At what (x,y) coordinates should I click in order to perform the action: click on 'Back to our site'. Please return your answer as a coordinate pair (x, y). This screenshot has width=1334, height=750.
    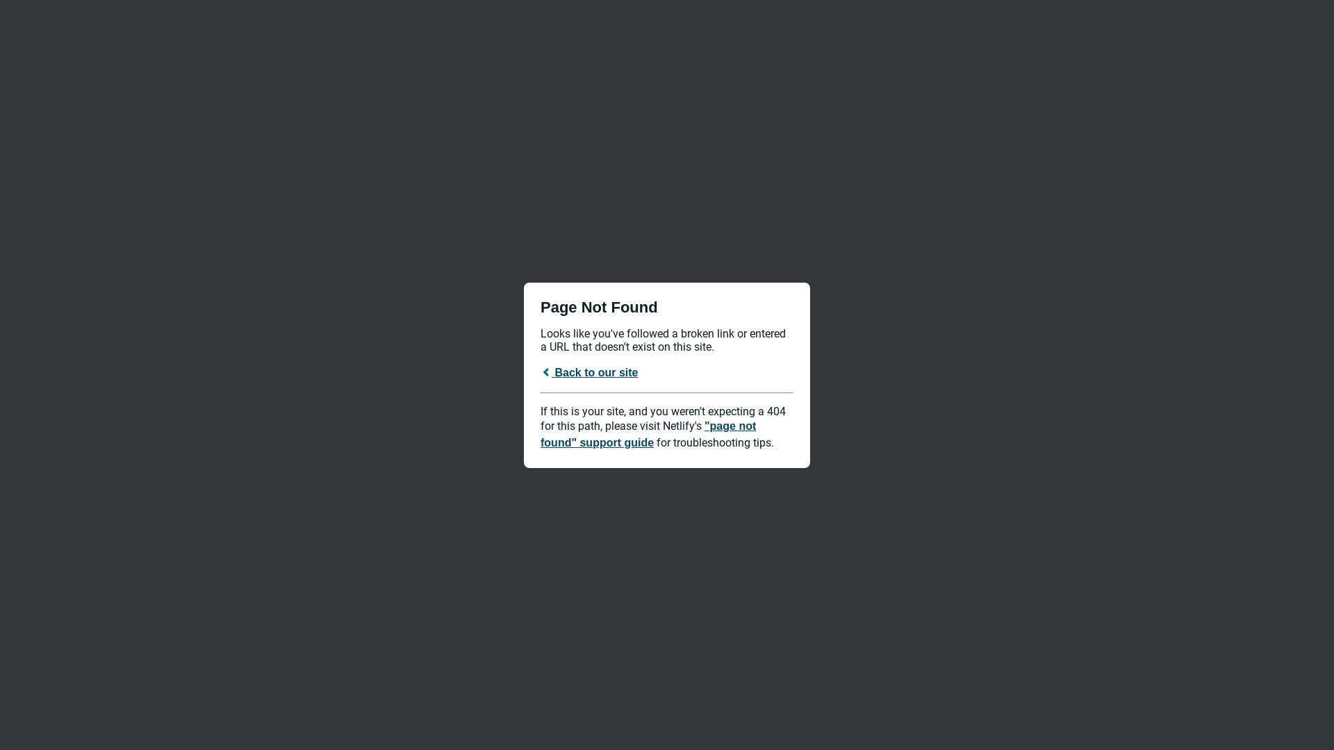
    Looking at the image, I should click on (589, 372).